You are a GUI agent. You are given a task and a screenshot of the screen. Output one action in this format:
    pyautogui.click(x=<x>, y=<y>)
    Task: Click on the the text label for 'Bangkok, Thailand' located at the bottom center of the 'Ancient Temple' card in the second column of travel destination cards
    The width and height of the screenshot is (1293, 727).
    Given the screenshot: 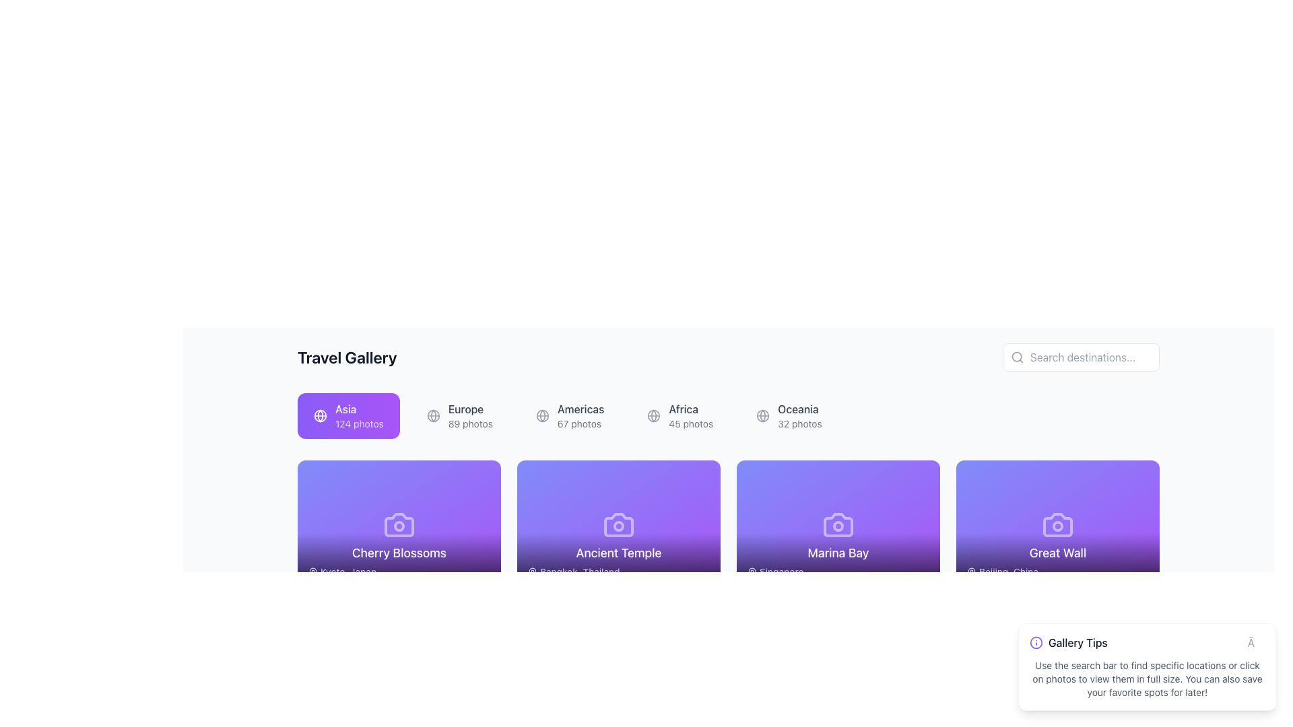 What is the action you would take?
    pyautogui.click(x=580, y=572)
    